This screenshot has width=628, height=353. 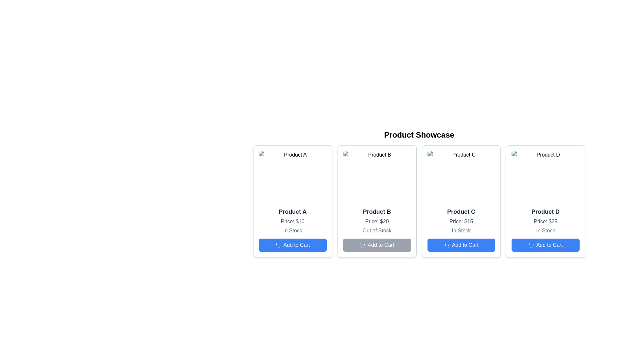 I want to click on the text label 'Product B' within the second product card, which is styled in bold, large font and dark color, located below the image section and above the 'Price: $20' text, so click(x=377, y=212).